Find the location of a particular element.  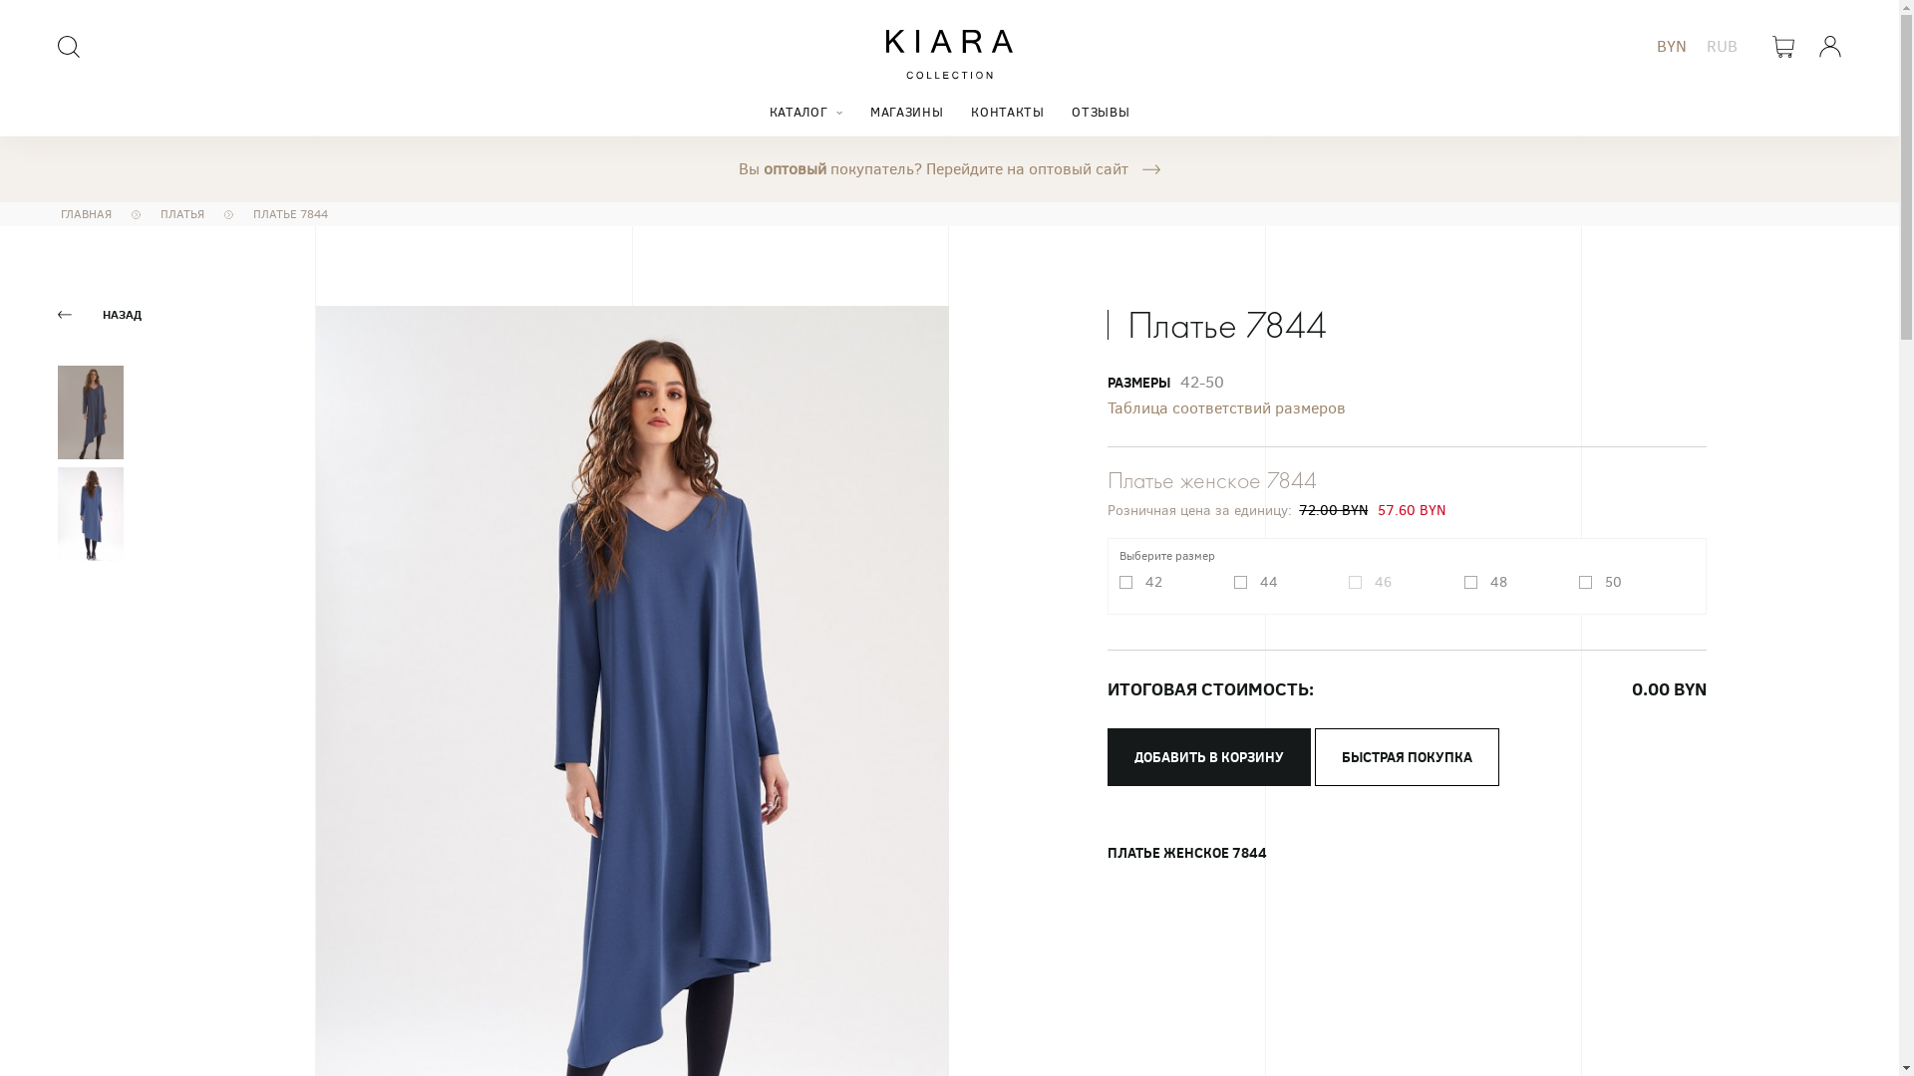

'RUB' is located at coordinates (1721, 45).